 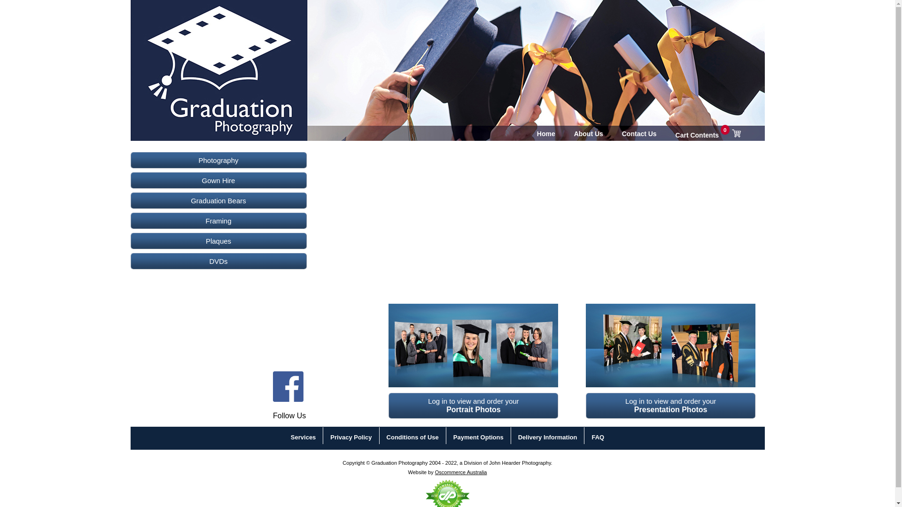 What do you see at coordinates (518, 437) in the screenshot?
I see `'Delivery Information'` at bounding box center [518, 437].